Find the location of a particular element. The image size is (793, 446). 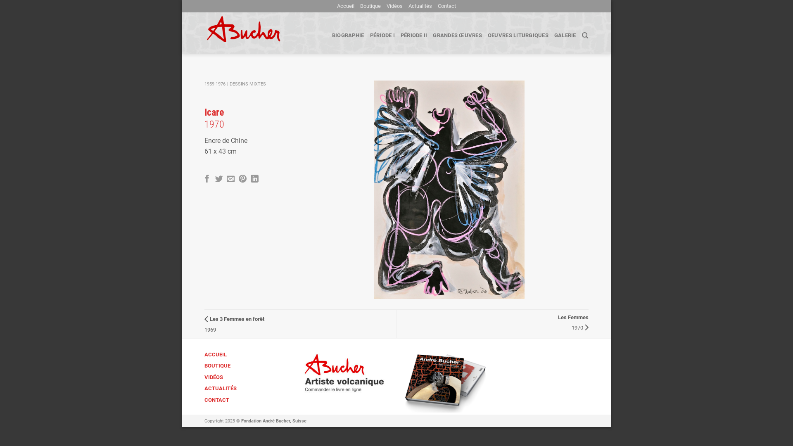

'GALERIE' is located at coordinates (565, 35).